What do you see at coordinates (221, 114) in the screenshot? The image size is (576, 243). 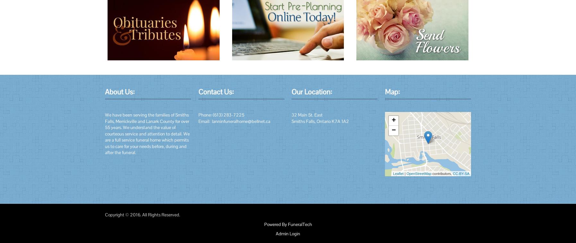 I see `'Phone: (613) 283-7225'` at bounding box center [221, 114].